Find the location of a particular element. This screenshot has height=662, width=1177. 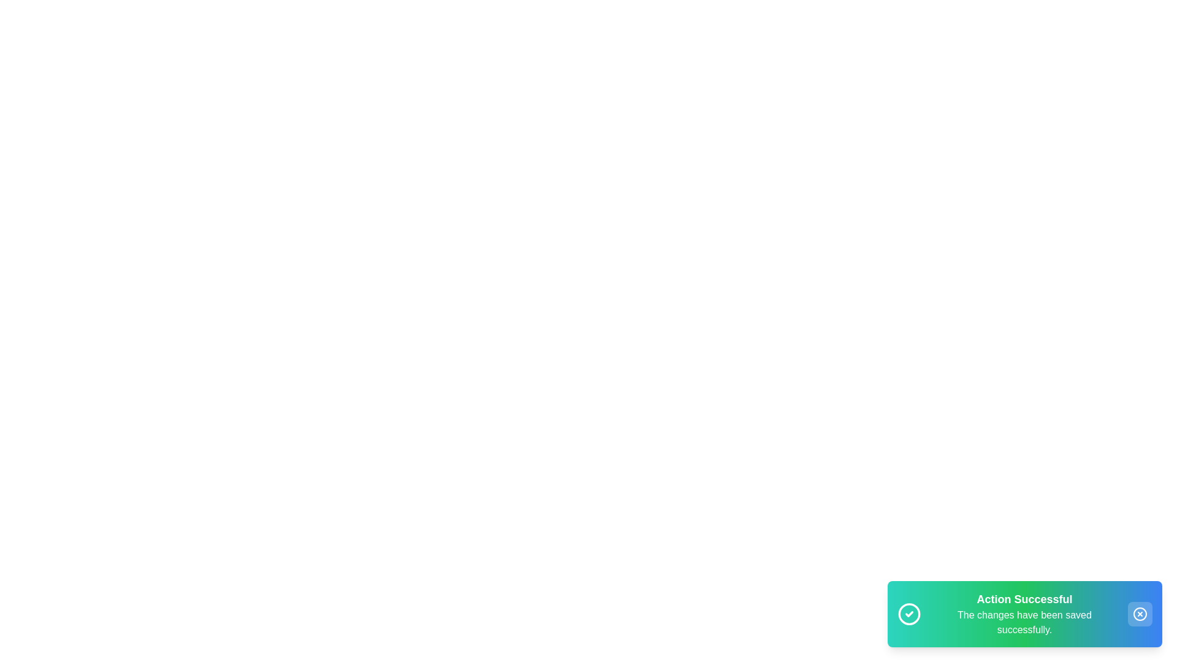

the checkmark icon to perform the respective action is located at coordinates (909, 614).